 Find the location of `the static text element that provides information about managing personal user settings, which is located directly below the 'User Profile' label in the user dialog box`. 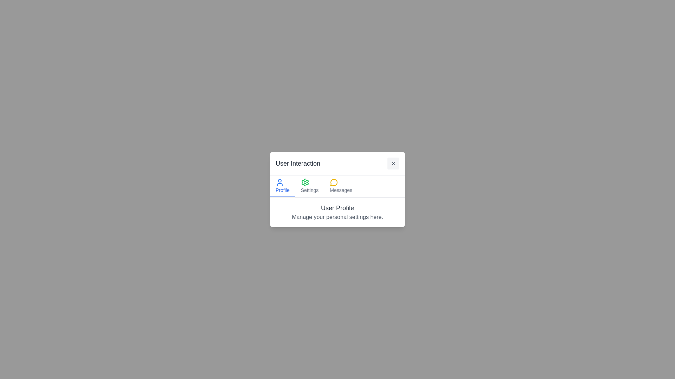

the static text element that provides information about managing personal user settings, which is located directly below the 'User Profile' label in the user dialog box is located at coordinates (337, 217).